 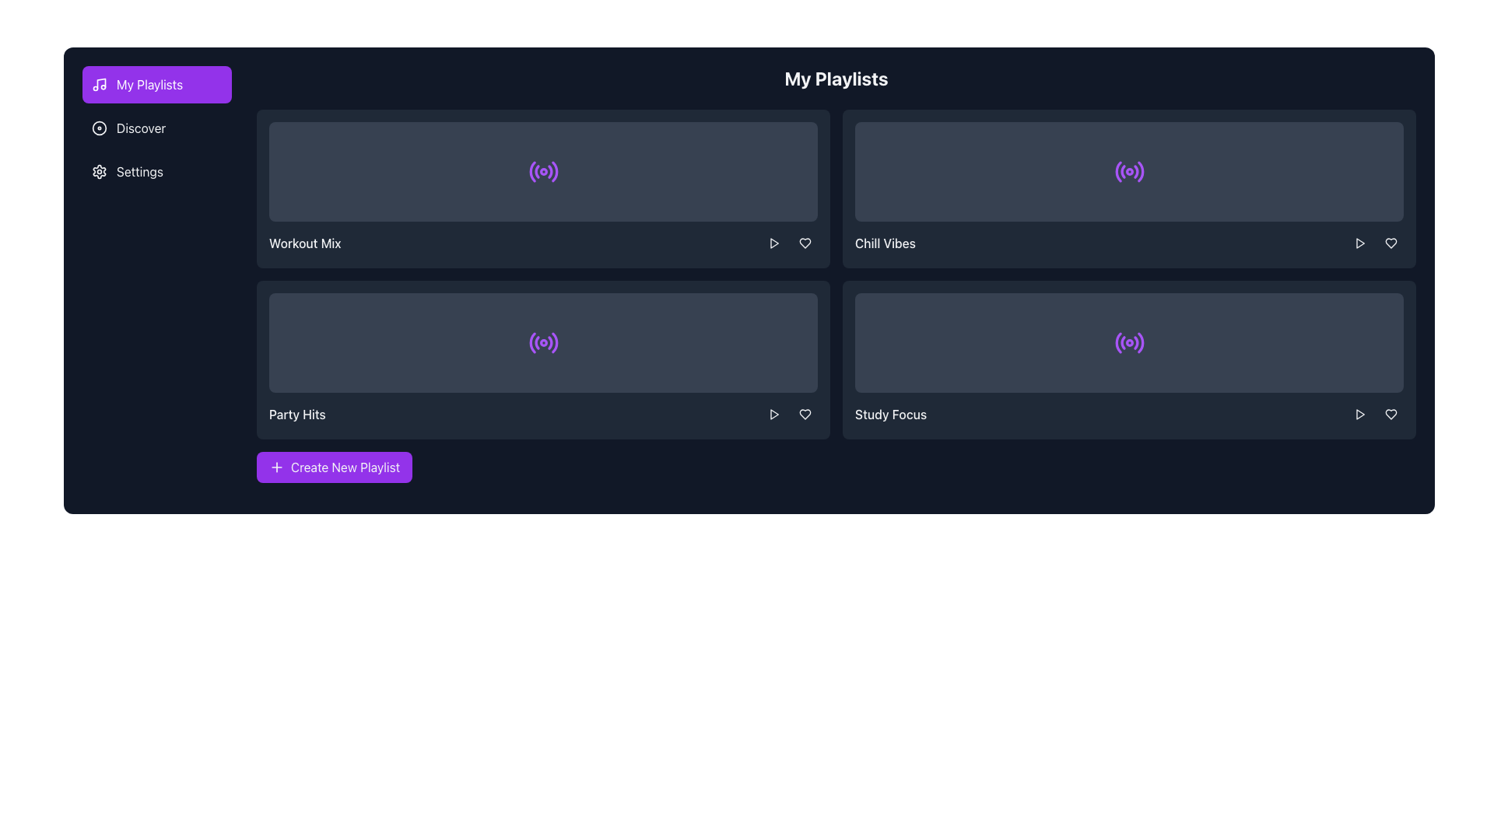 I want to click on the play icon button located in the top-right corner of the 'Workout Mix' playlist card in the 'My Playlists' section to initiate playback of the playlist, so click(x=773, y=243).